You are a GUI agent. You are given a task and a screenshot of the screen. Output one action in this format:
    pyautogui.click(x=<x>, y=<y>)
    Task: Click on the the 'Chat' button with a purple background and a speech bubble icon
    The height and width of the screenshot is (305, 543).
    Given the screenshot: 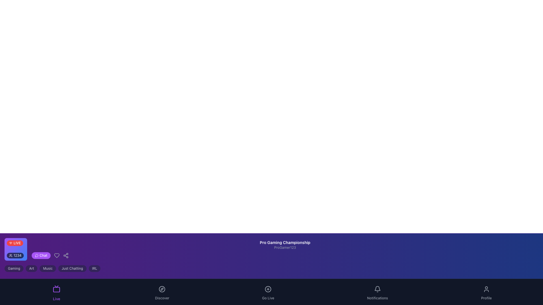 What is the action you would take?
    pyautogui.click(x=40, y=256)
    